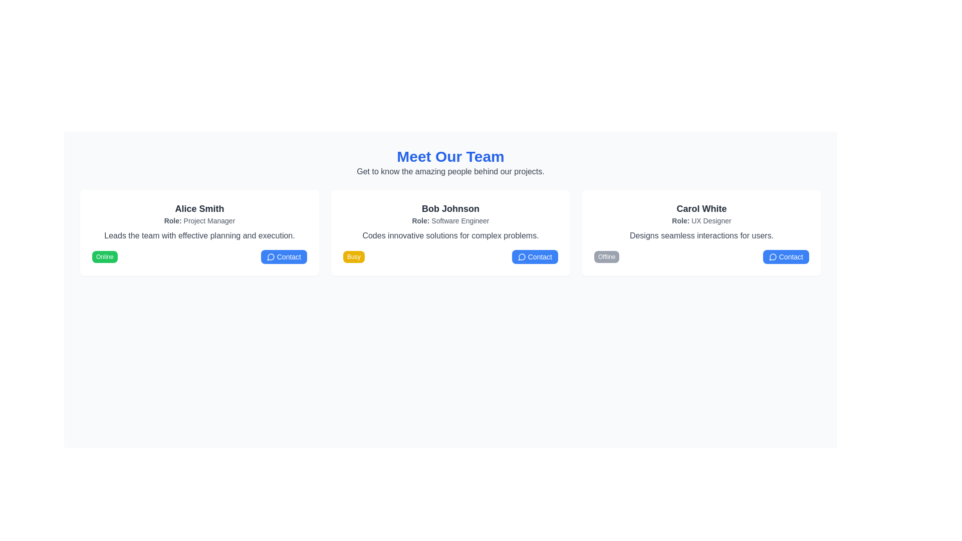 This screenshot has width=962, height=541. I want to click on the button located to the right of the yellow badge labeled 'Busy' within the card for 'Bob Johnson' to trigger the hover effect, so click(534, 256).